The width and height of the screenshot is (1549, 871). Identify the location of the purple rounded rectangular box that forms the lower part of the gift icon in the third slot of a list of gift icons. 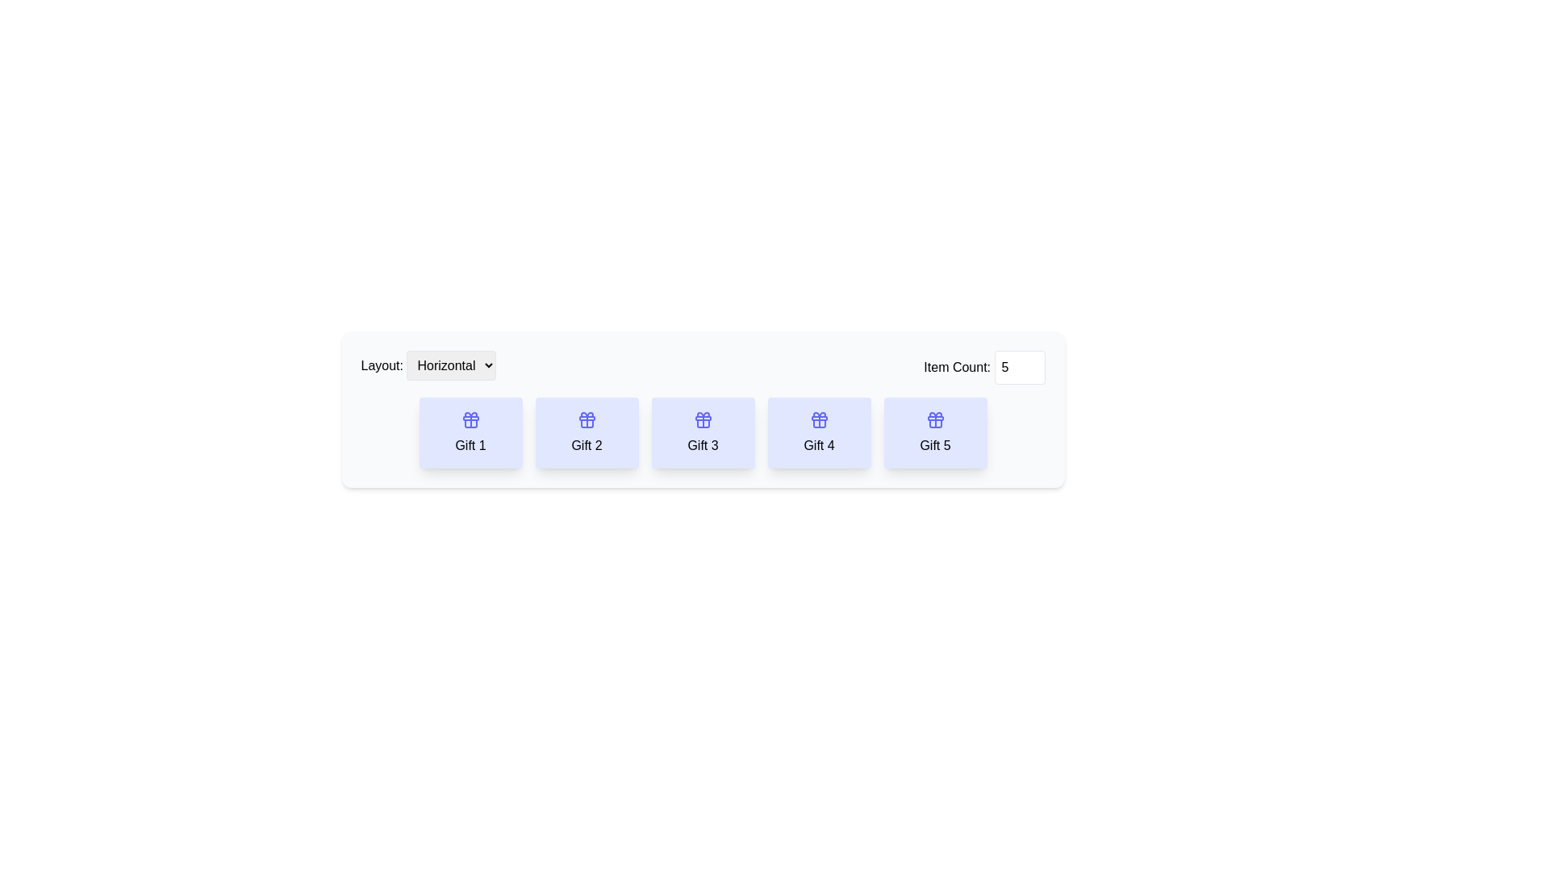
(703, 423).